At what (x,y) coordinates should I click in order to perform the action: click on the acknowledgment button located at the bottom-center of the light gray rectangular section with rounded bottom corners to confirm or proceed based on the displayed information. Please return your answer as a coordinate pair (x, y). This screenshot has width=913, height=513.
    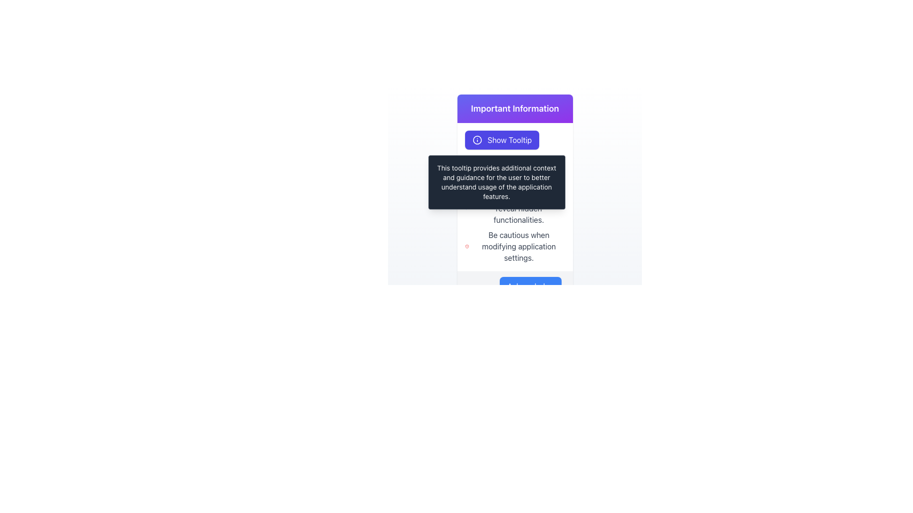
    Looking at the image, I should click on (530, 285).